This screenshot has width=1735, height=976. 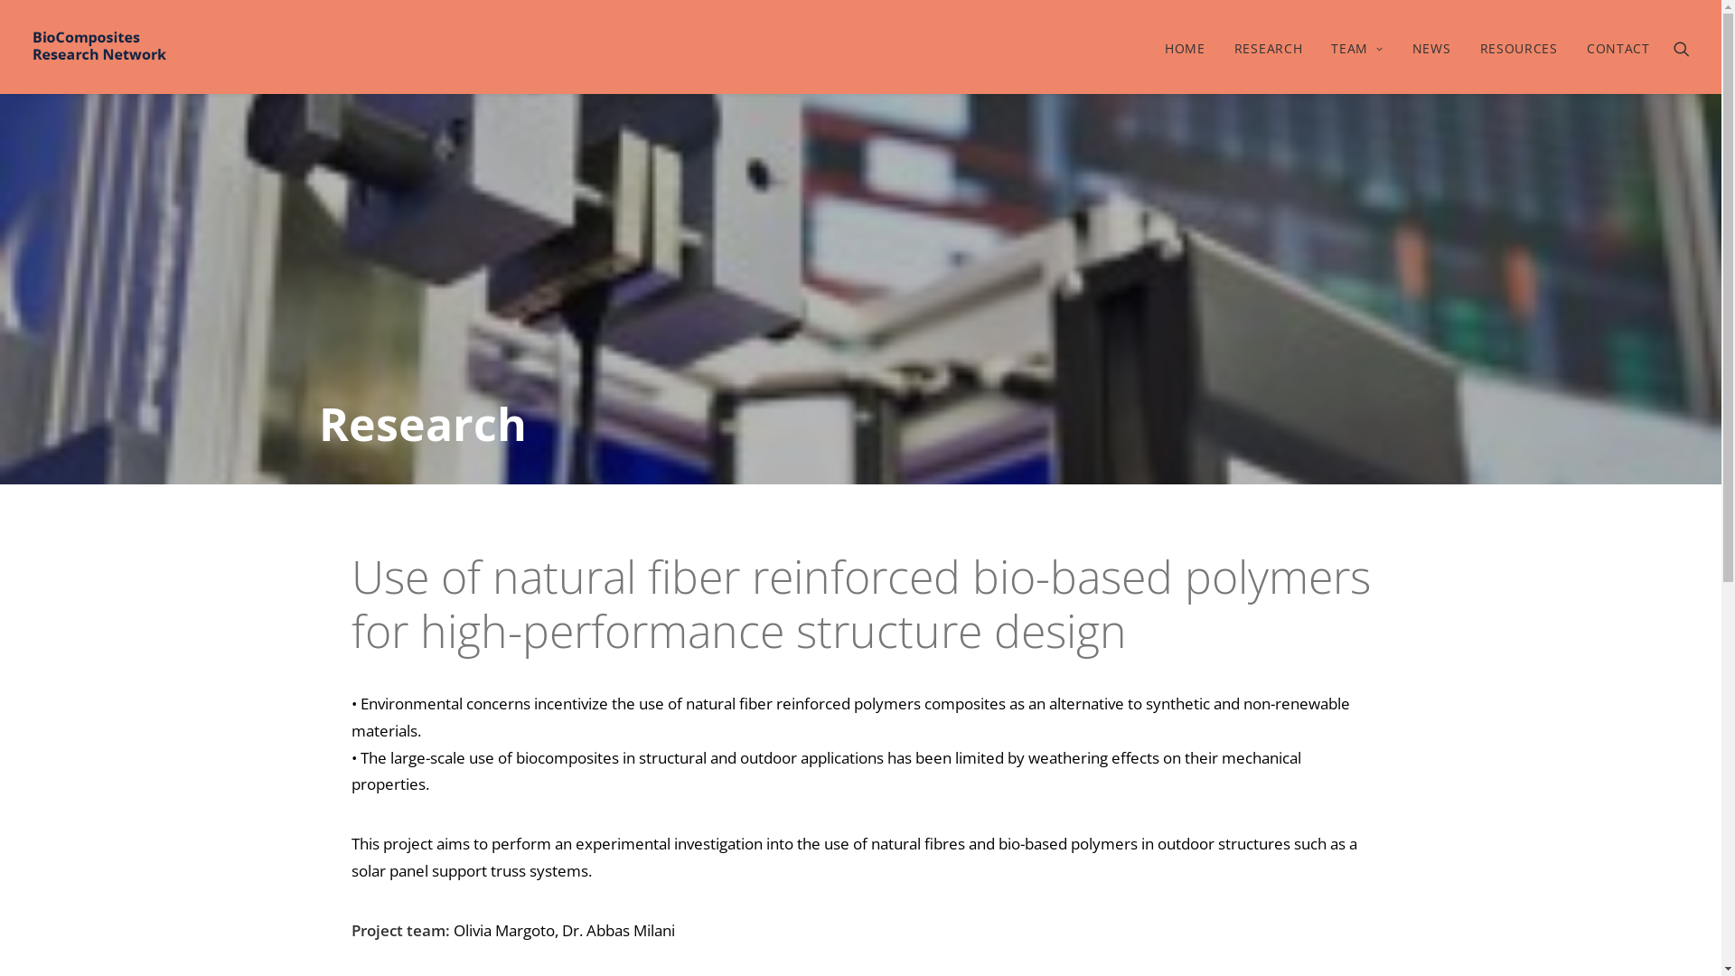 What do you see at coordinates (1356, 45) in the screenshot?
I see `'TEAM'` at bounding box center [1356, 45].